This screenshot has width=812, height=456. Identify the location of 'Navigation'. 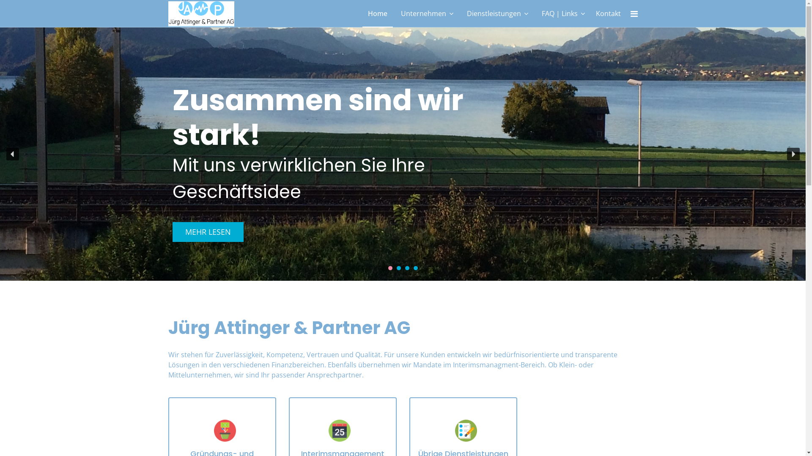
(630, 14).